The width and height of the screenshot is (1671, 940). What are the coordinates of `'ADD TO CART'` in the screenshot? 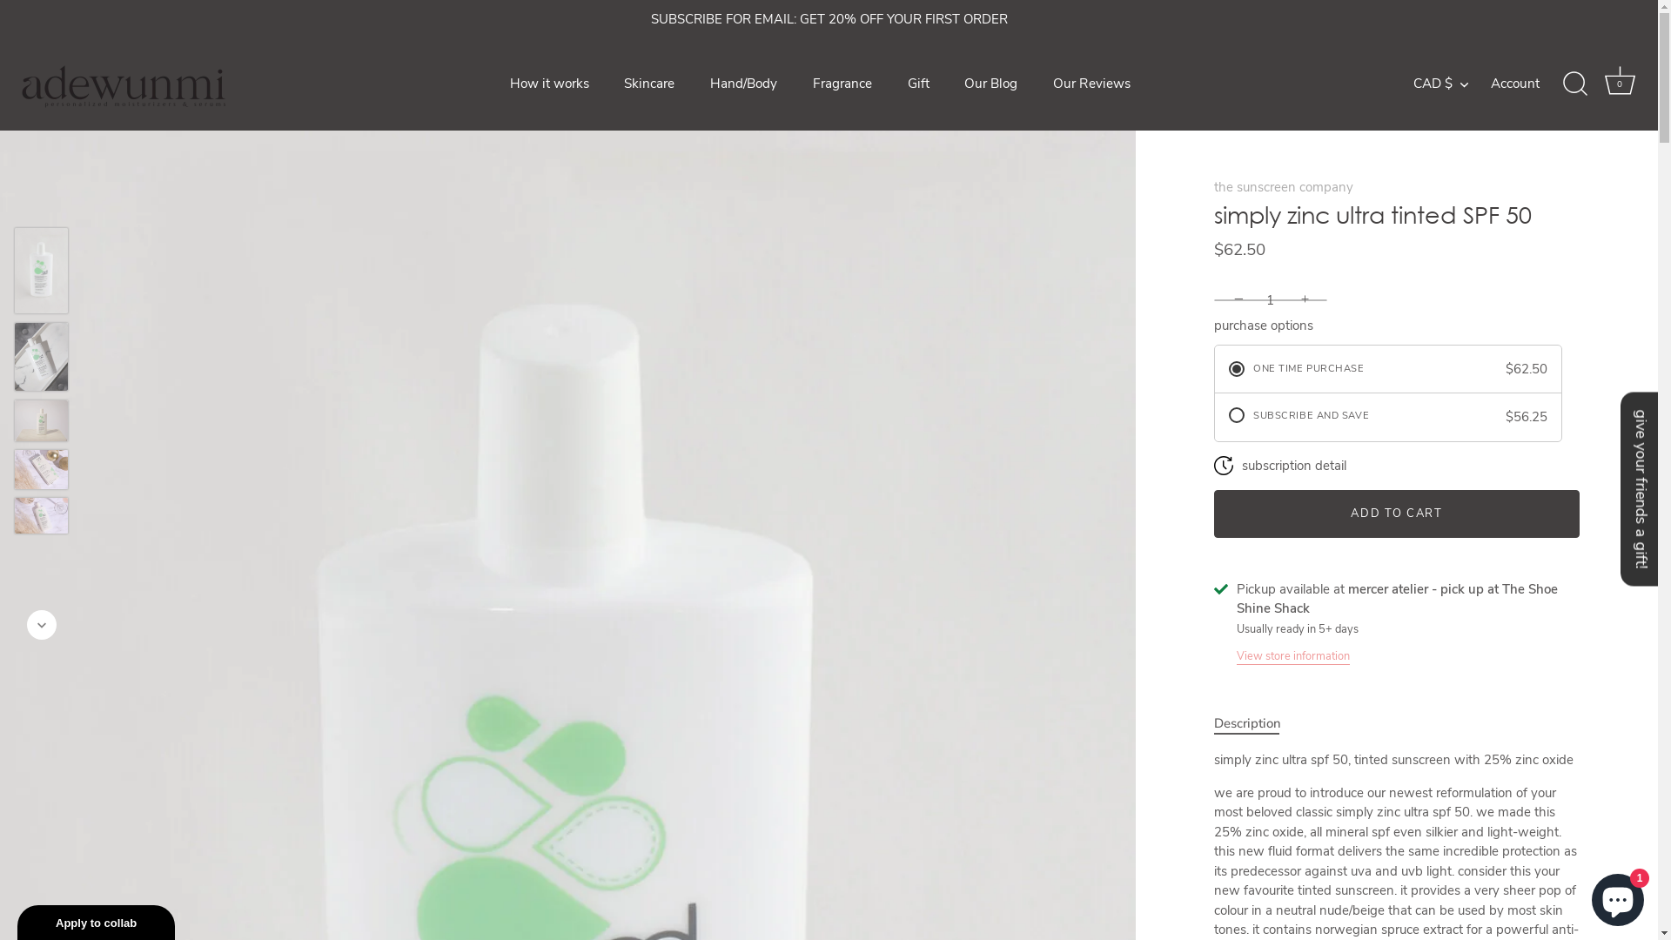 It's located at (1396, 513).